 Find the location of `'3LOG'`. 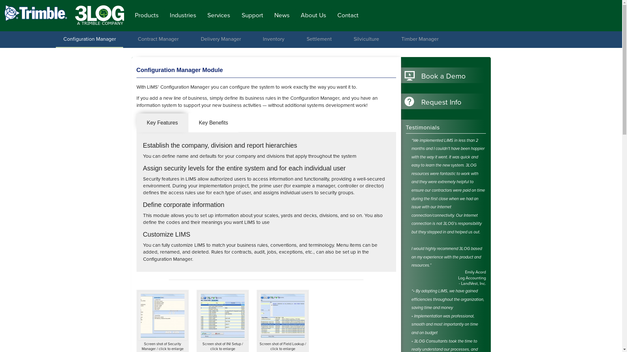

'3LOG' is located at coordinates (97, 14).